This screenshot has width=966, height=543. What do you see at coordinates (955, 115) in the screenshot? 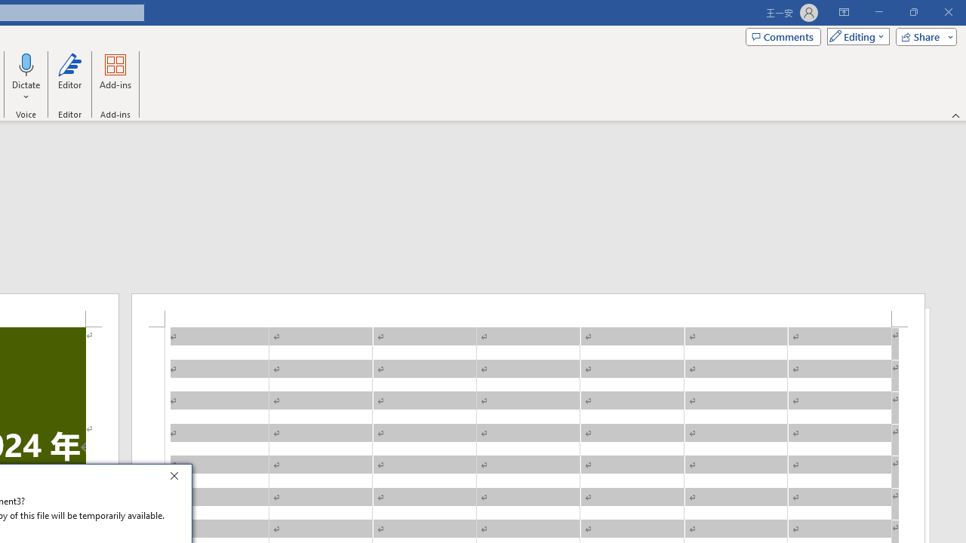
I see `'Collapse the Ribbon'` at bounding box center [955, 115].